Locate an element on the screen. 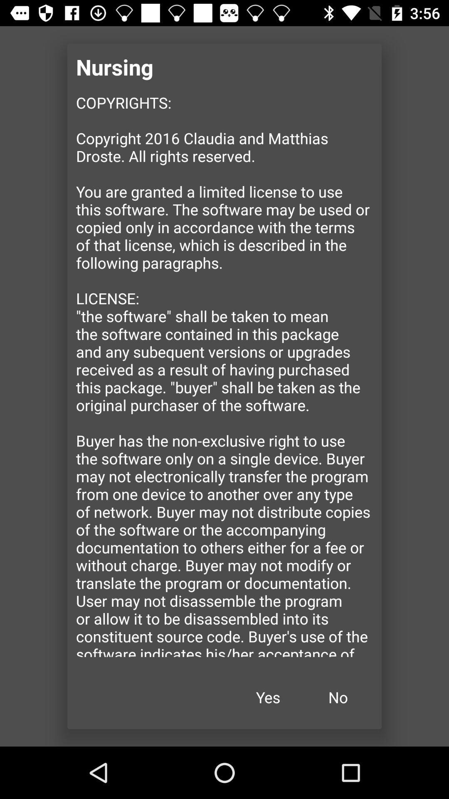 The image size is (449, 799). icon to the left of no icon is located at coordinates (268, 697).